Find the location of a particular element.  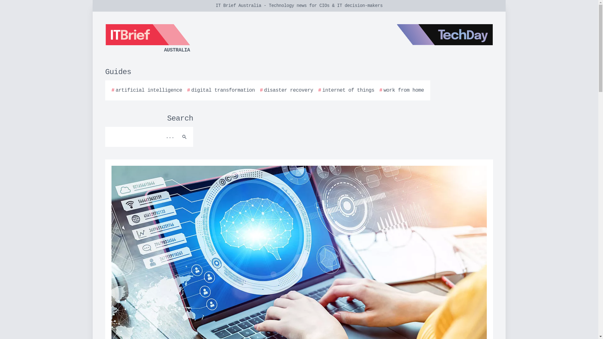

'# is located at coordinates (221, 90).